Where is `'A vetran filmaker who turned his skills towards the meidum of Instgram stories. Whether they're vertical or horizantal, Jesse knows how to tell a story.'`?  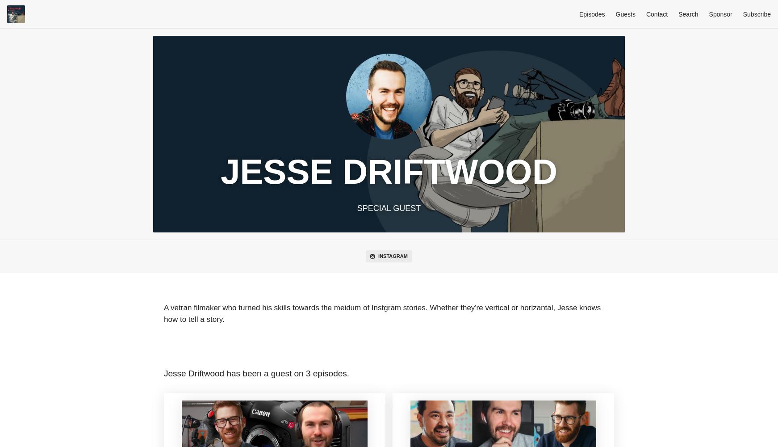
'A vetran filmaker who turned his skills towards the meidum of Instgram stories. Whether they're vertical or horizantal, Jesse knows how to tell a story.' is located at coordinates (382, 313).